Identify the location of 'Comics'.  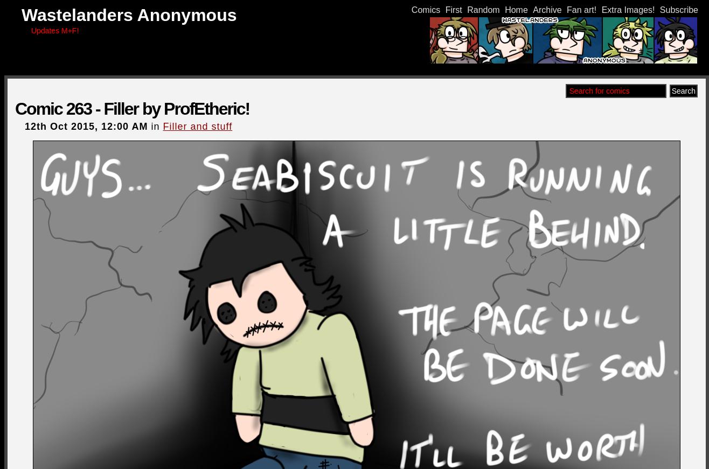
(425, 9).